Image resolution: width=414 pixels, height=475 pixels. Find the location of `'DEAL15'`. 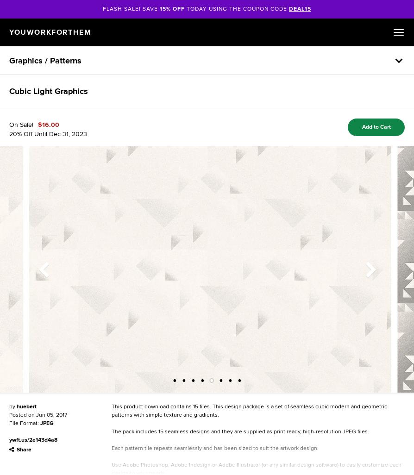

'DEAL15' is located at coordinates (300, 9).